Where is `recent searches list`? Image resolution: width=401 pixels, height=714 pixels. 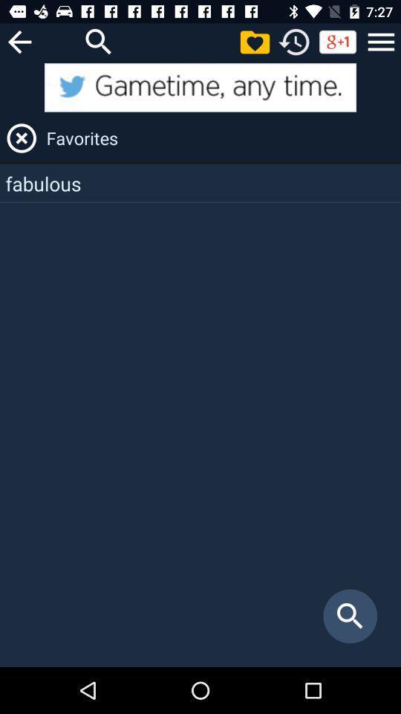
recent searches list is located at coordinates (294, 41).